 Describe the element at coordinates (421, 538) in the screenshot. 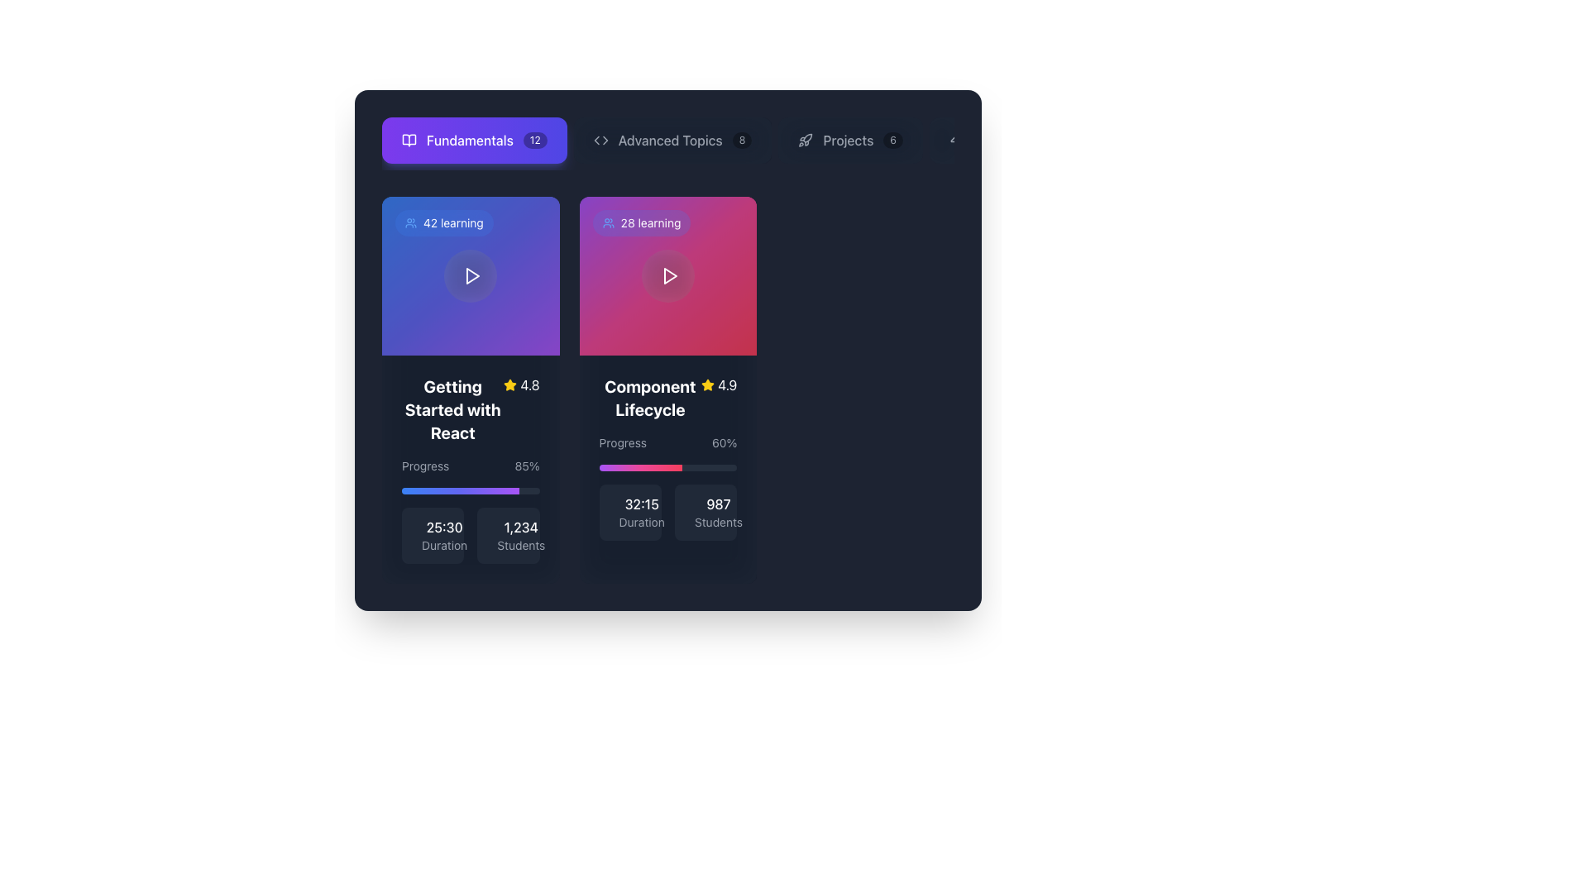

I see `the circular SVG element styled as a clock icon located in the bottom section of the 'Getting Started with React' card` at that location.